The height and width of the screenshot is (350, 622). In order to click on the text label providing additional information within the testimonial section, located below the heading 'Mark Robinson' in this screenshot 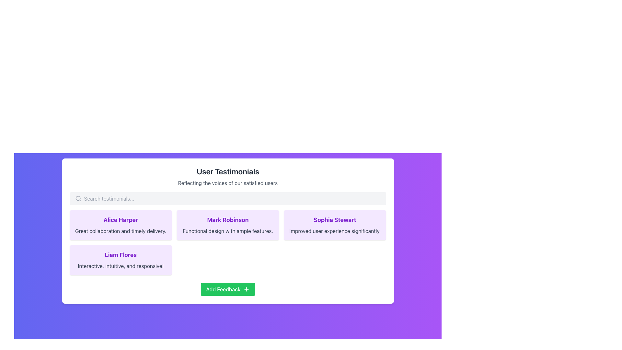, I will do `click(228, 231)`.